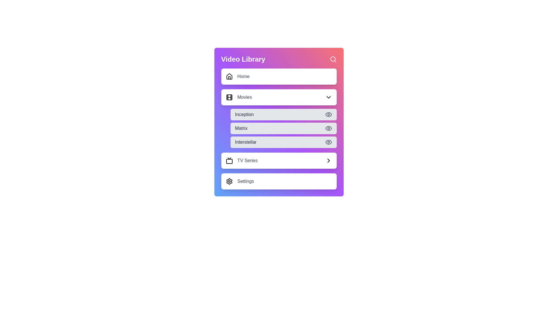  Describe the element at coordinates (237, 76) in the screenshot. I see `the 'Home' navigation item, which features a minimalist home icon and dark gray text` at that location.